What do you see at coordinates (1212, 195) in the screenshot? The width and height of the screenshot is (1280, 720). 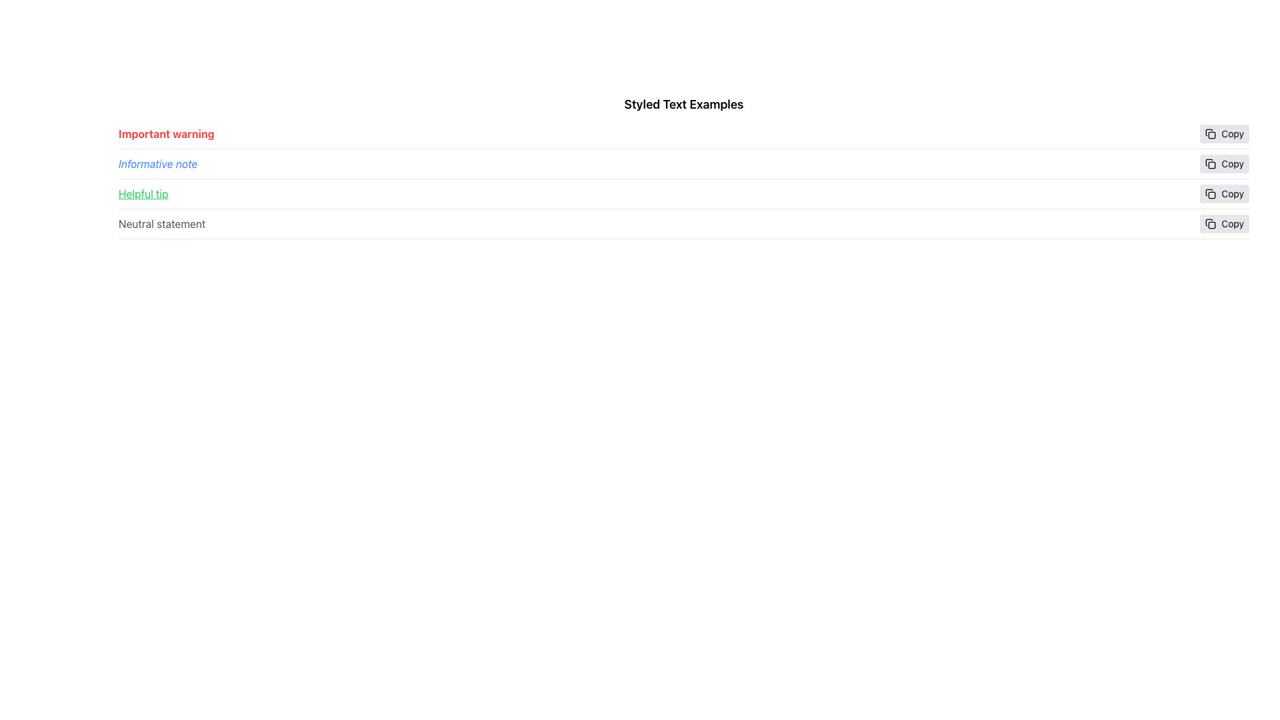 I see `the SVG Shape (Rounded Rectangle) representing the 'Copy' button located next to the fourth text row labeled 'Neutral statement'` at bounding box center [1212, 195].